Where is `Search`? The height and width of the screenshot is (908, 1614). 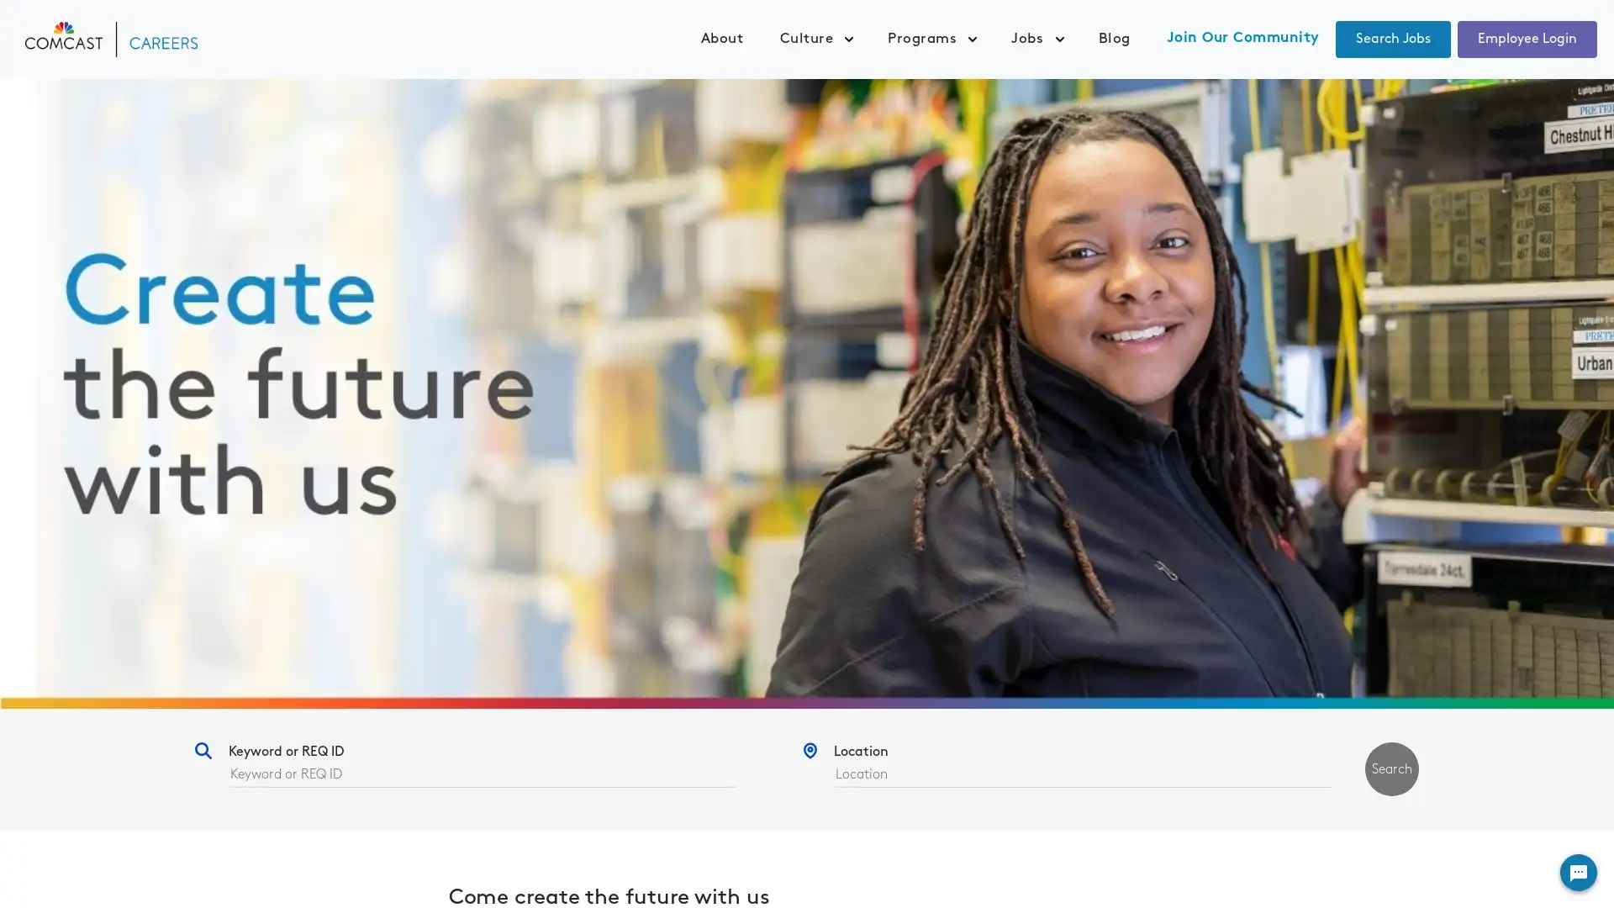 Search is located at coordinates (1392, 768).